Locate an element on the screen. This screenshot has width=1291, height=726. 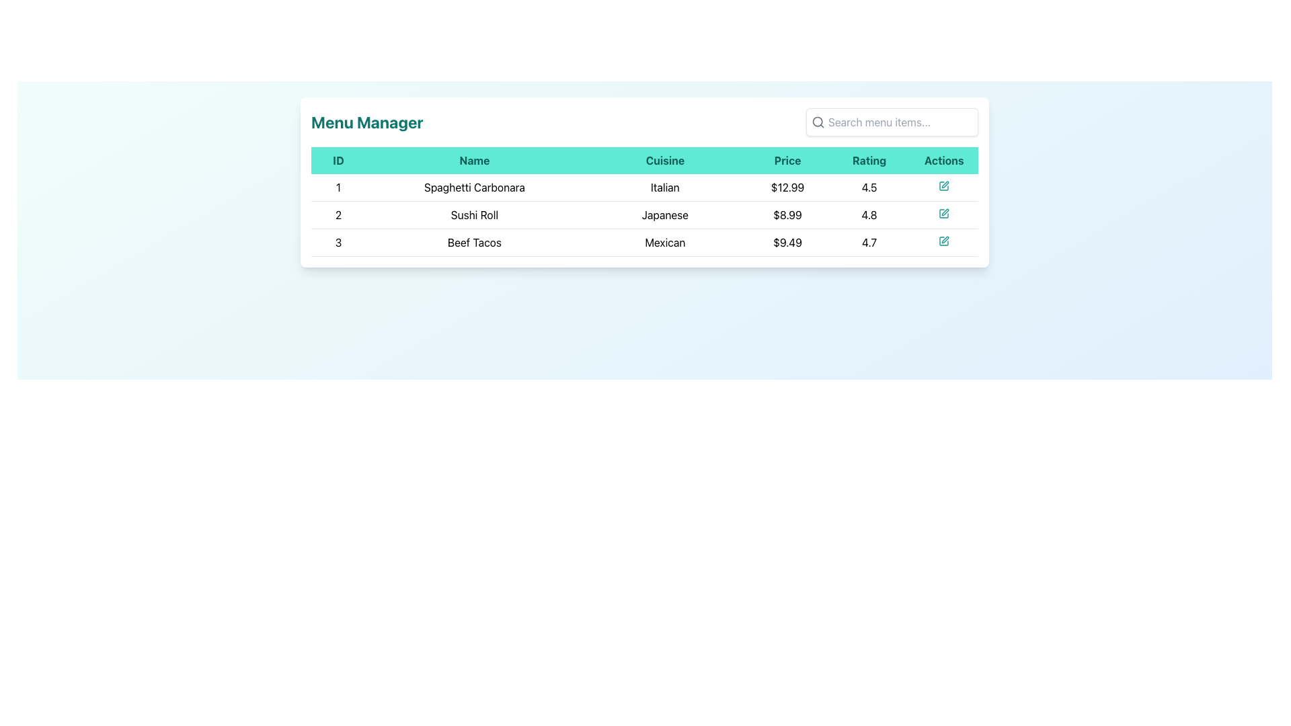
the text label displaying 'Actions' in bold, dark-green font, located in the header row of the table, positioned to the far right is located at coordinates (943, 160).